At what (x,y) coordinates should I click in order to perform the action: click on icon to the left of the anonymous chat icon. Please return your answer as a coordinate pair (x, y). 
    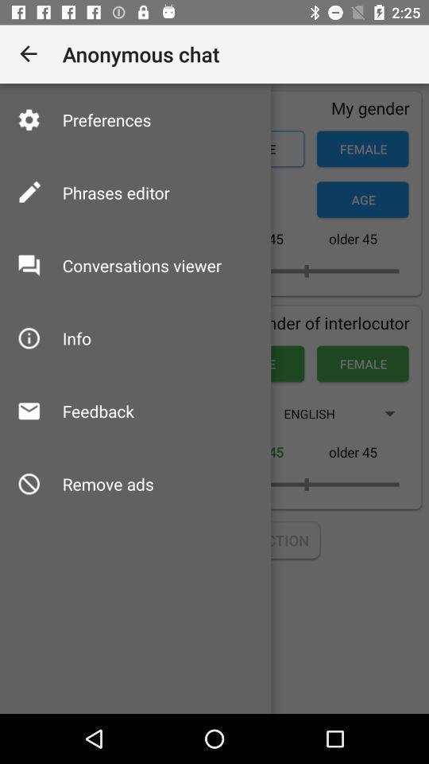
    Looking at the image, I should click on (29, 54).